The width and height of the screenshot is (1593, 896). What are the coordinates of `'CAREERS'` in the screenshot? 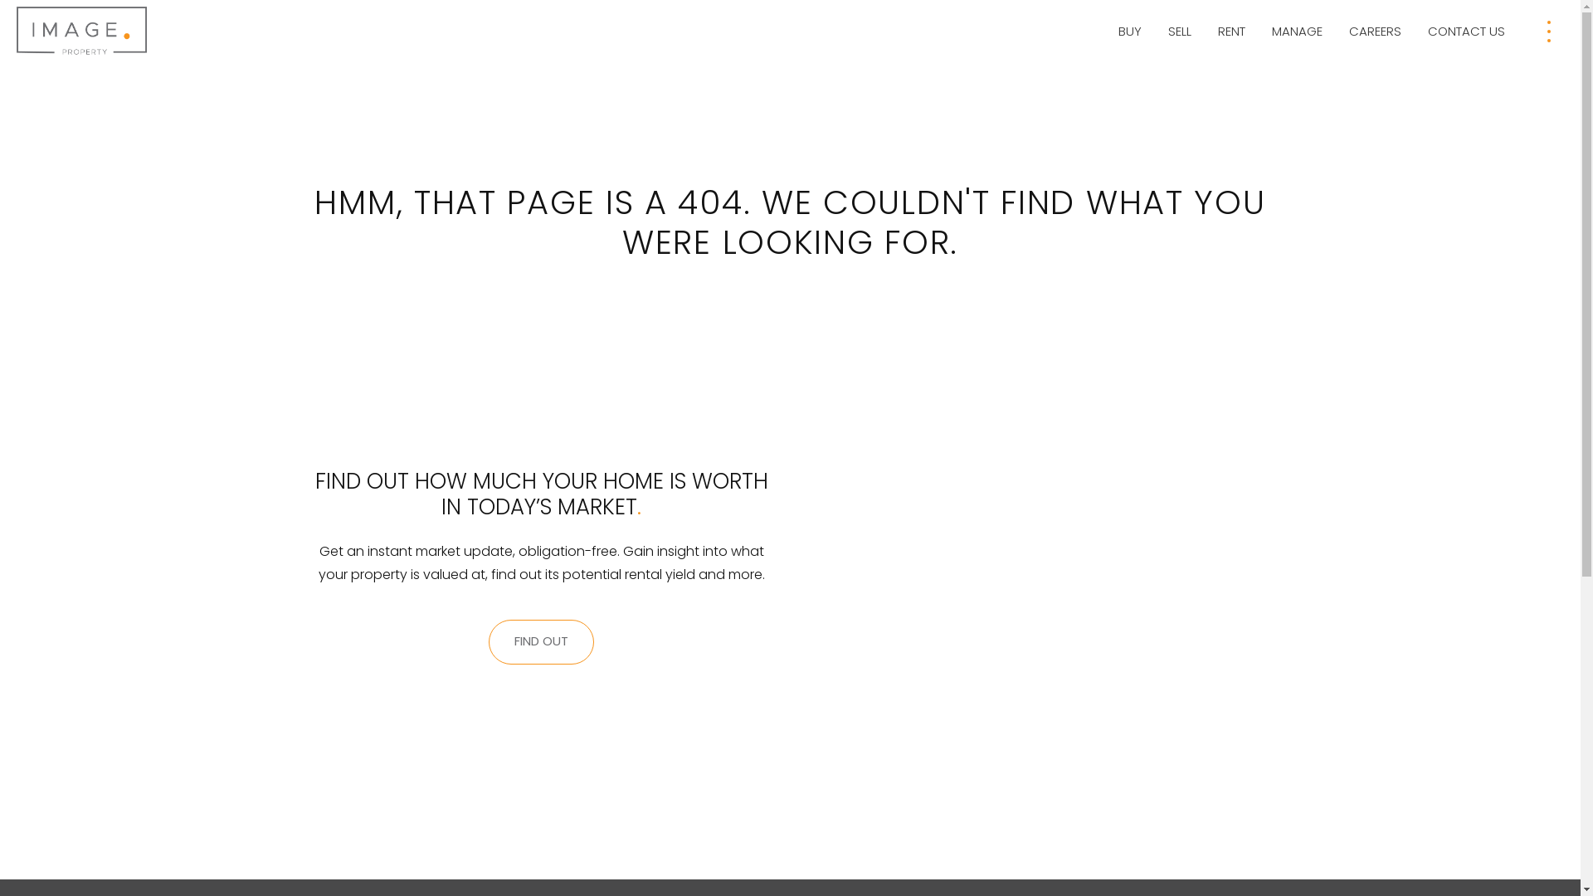 It's located at (1375, 32).